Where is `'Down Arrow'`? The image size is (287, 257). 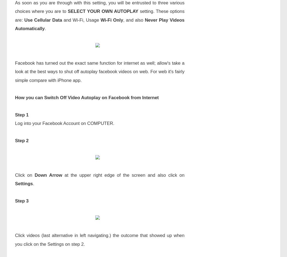
'Down Arrow' is located at coordinates (48, 175).